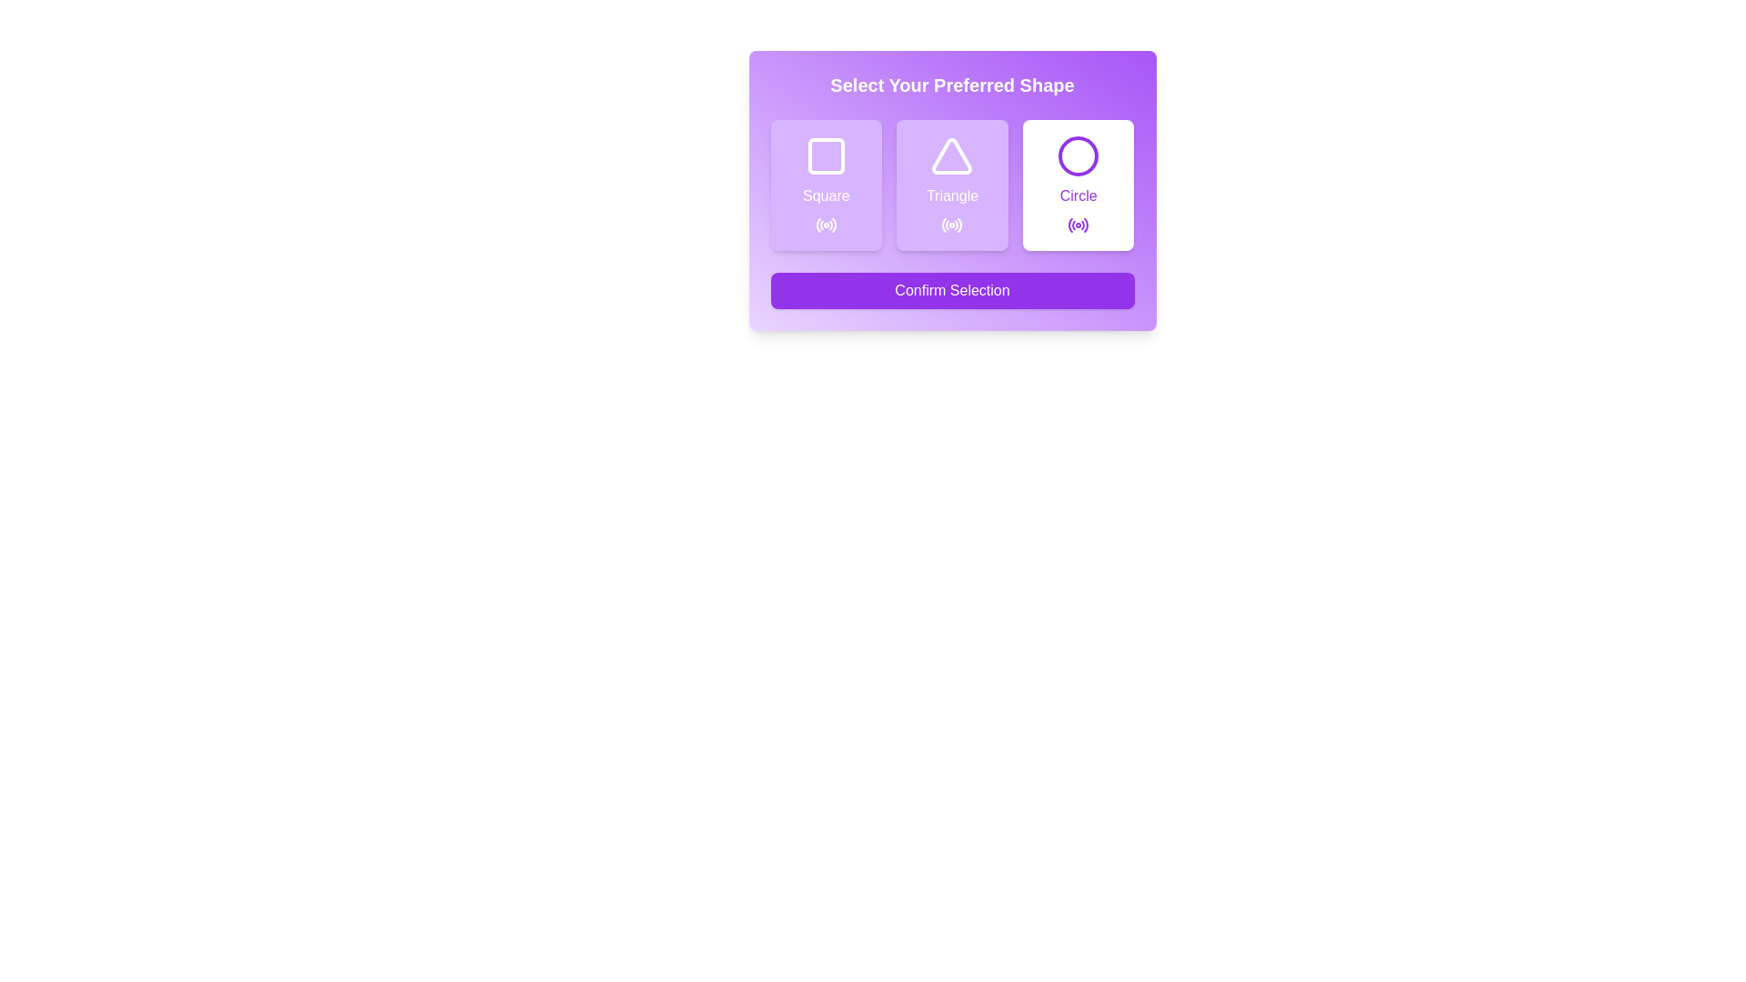 The image size is (1746, 982). What do you see at coordinates (951, 155) in the screenshot?
I see `the 'Triangle' SVG icon in the selector interface to indicate focus` at bounding box center [951, 155].